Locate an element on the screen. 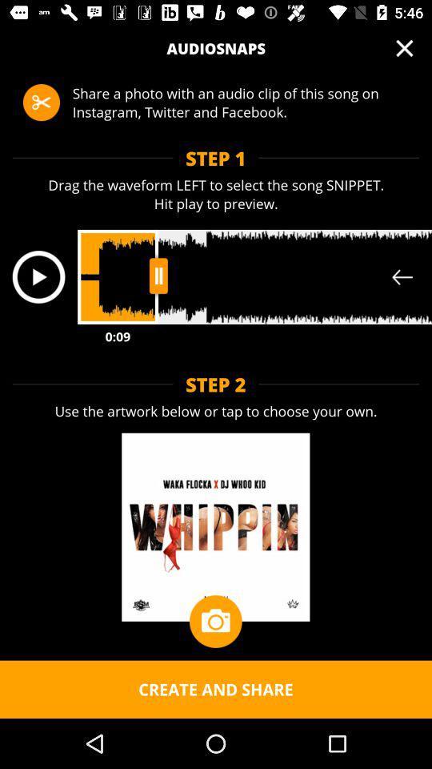  the close icon is located at coordinates (403, 47).